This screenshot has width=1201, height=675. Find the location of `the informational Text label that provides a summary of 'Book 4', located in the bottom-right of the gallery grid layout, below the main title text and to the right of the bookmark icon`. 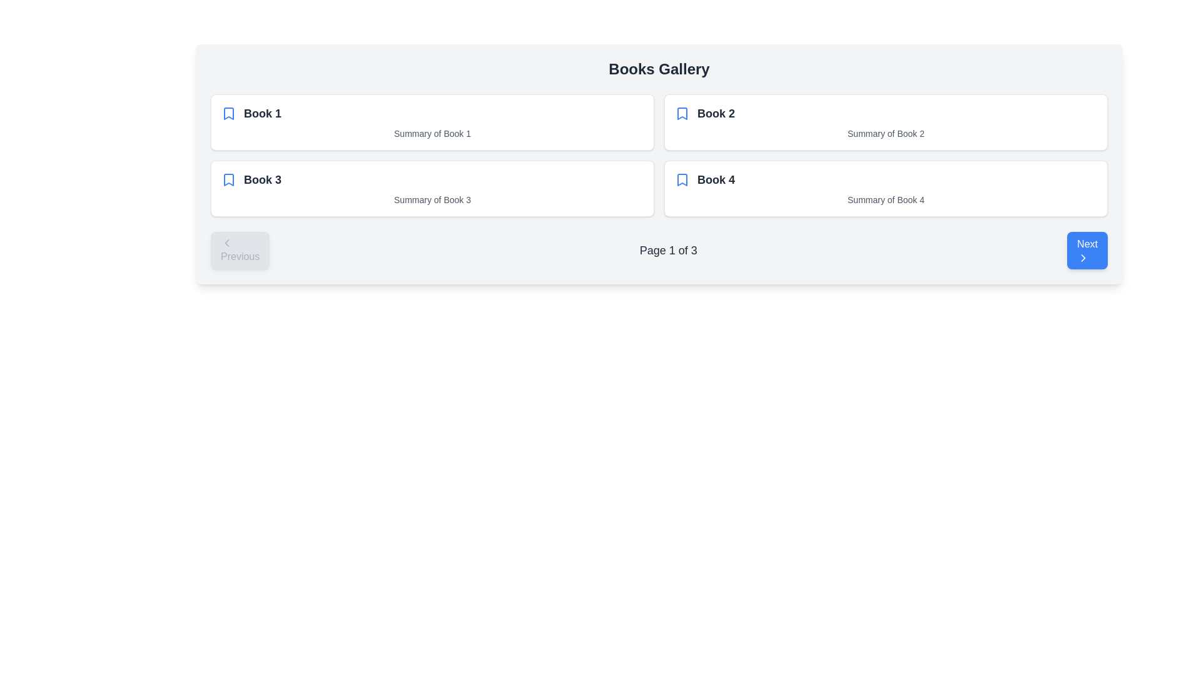

the informational Text label that provides a summary of 'Book 4', located in the bottom-right of the gallery grid layout, below the main title text and to the right of the bookmark icon is located at coordinates (885, 199).